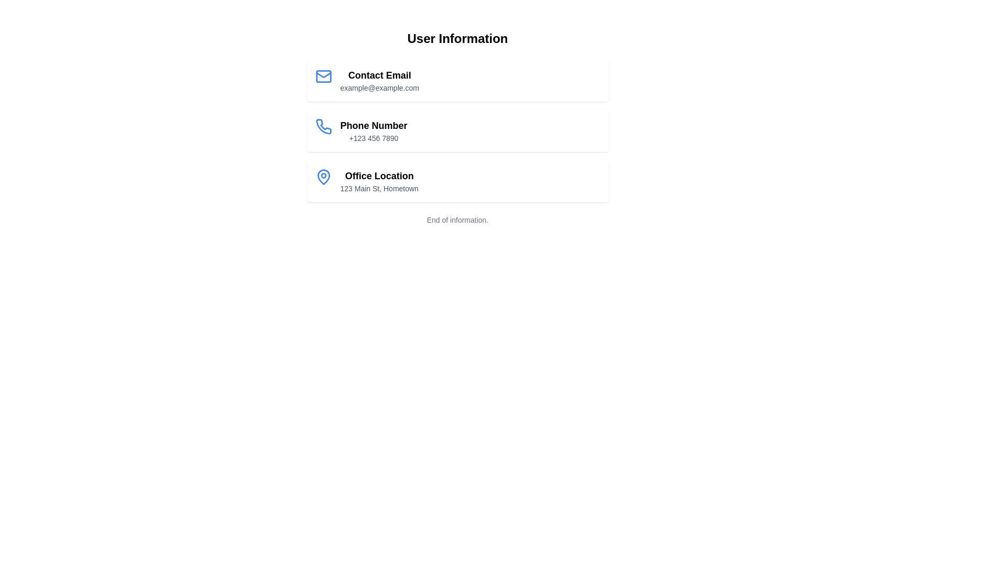 Image resolution: width=1006 pixels, height=566 pixels. I want to click on the static display panel that presents the office location, which is the third item in the vertical list of contact details, so click(457, 181).